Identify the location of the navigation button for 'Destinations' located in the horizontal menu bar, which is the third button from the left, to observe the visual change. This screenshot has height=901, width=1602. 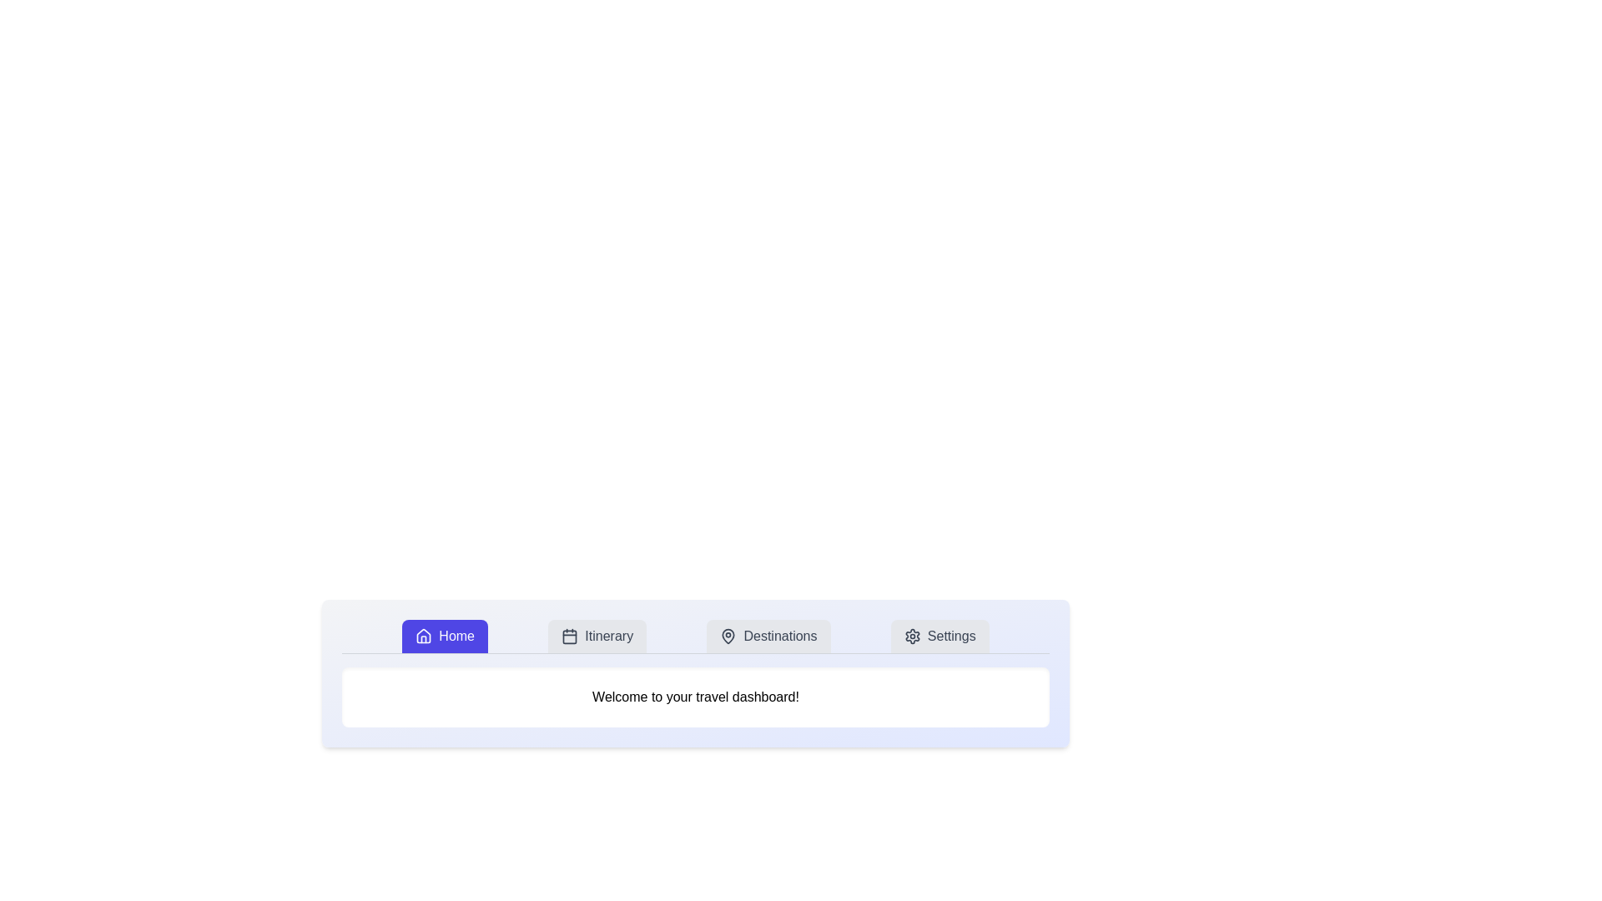
(768, 637).